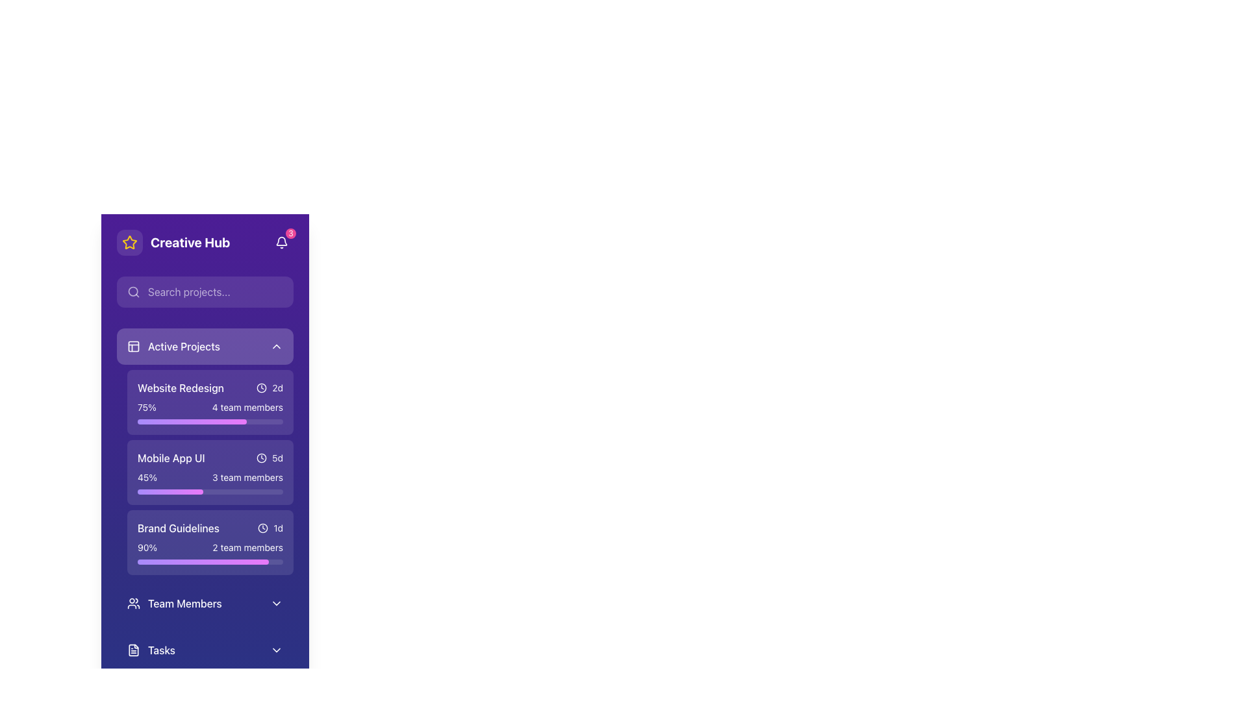 This screenshot has width=1247, height=701. Describe the element at coordinates (261, 387) in the screenshot. I see `the SVG circle icon representing time, located within the 'Brand Guidelines' section, specifically to the right of the task title` at that location.